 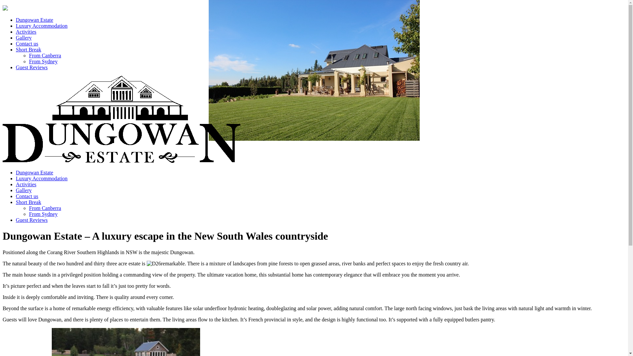 I want to click on 'Luxury Accommodation', so click(x=41, y=178).